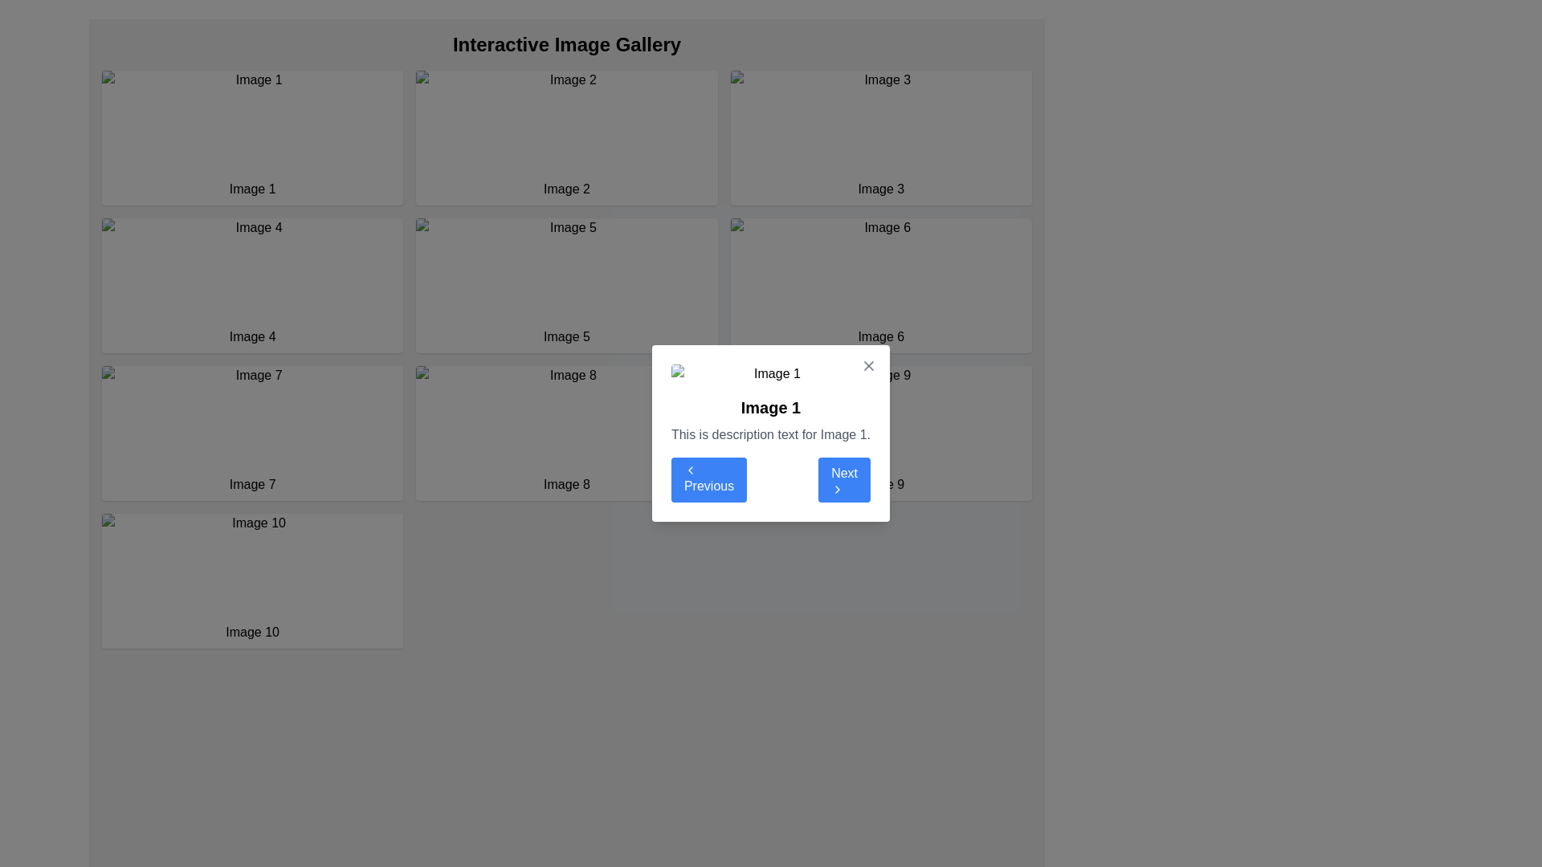 This screenshot has width=1542, height=867. Describe the element at coordinates (251, 564) in the screenshot. I see `the image placeholder labeled 'Image 10' located in the bottom-left corner of the grid layout to interact with it` at that location.